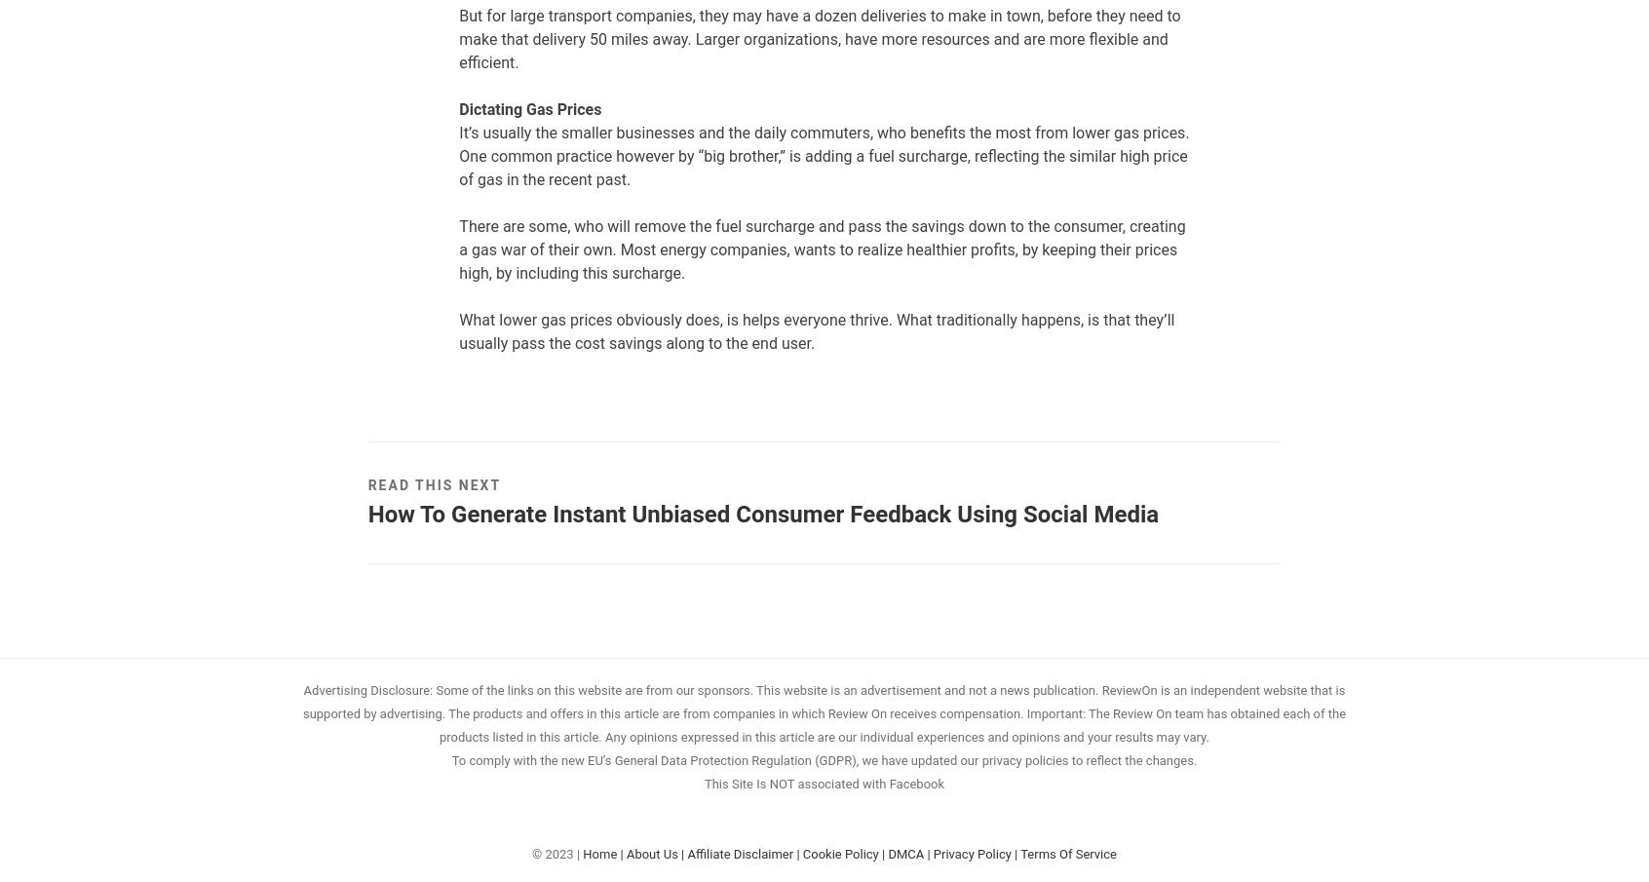 The height and width of the screenshot is (882, 1649). Describe the element at coordinates (602, 853) in the screenshot. I see `'Home |'` at that location.